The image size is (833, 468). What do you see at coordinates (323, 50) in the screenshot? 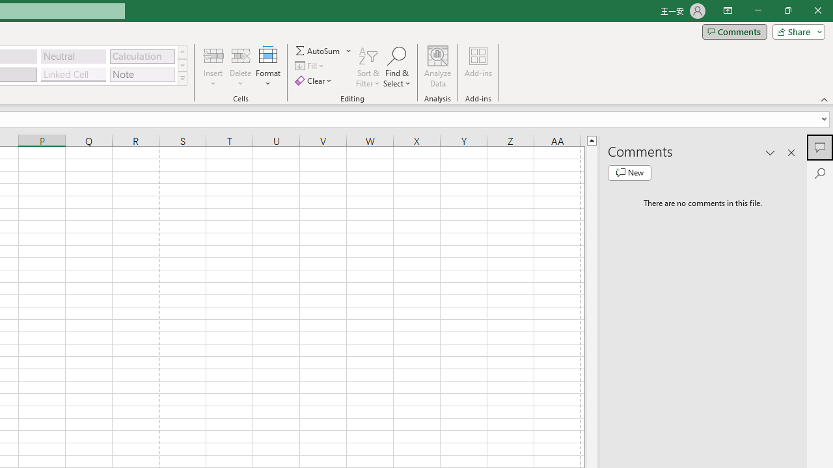
I see `'AutoSum'` at bounding box center [323, 50].